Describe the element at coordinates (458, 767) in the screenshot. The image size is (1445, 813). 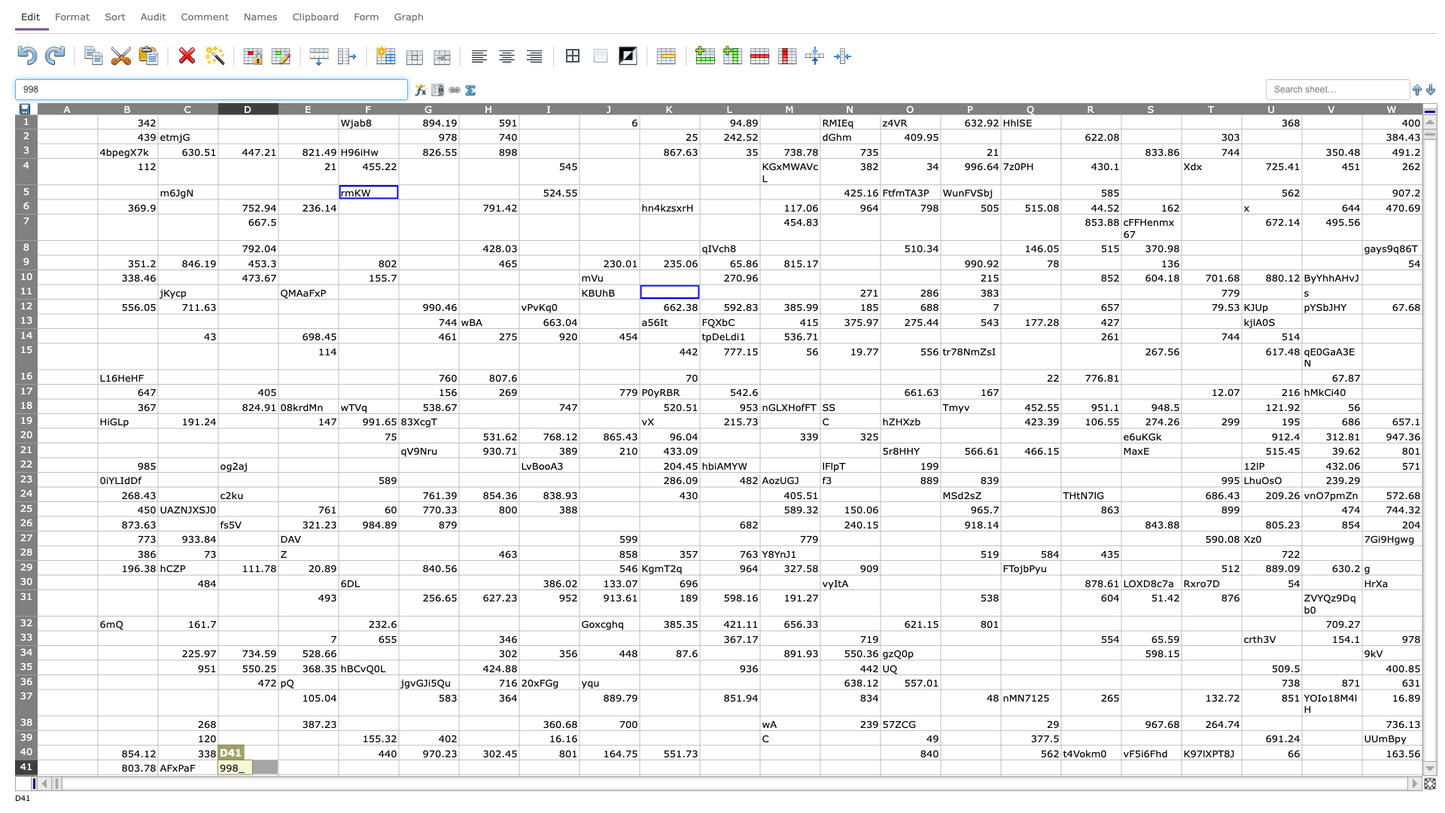
I see `left border at column H row 41` at that location.